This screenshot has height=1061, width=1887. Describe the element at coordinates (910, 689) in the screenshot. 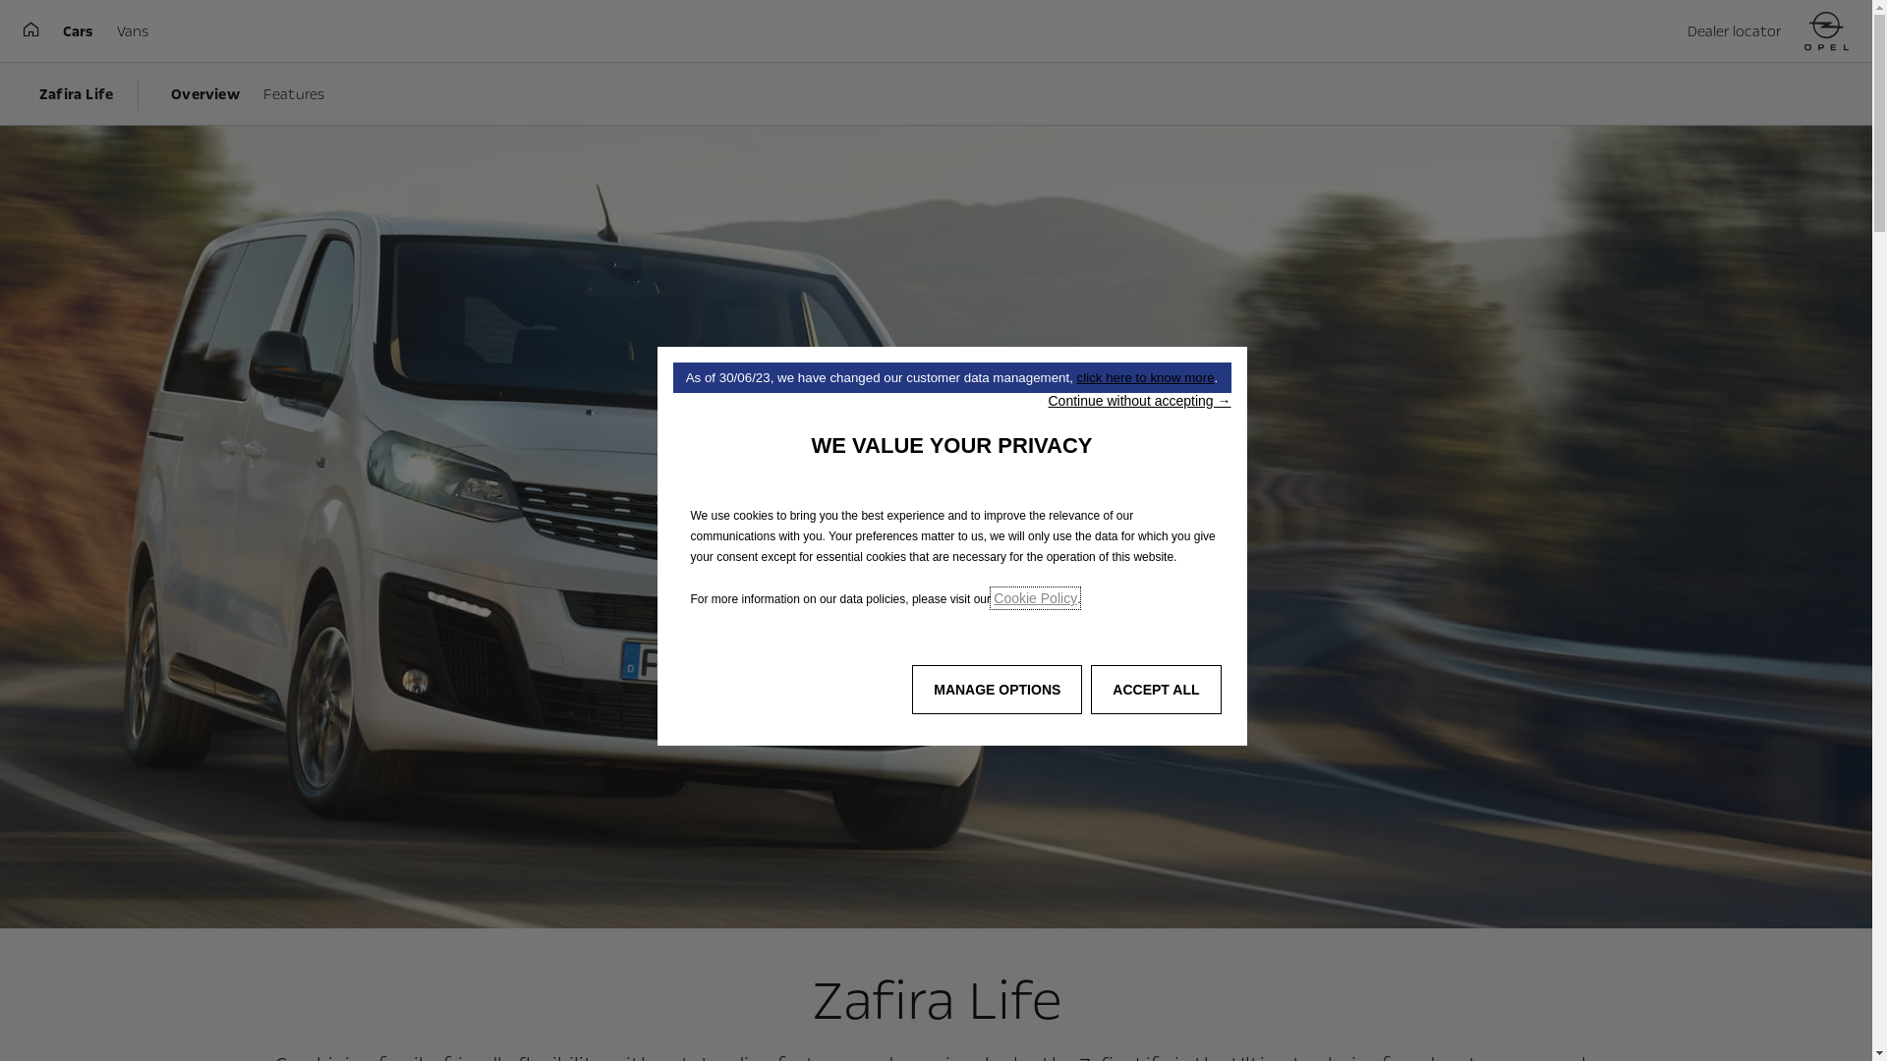

I see `'MANAGE OPTIONS'` at that location.